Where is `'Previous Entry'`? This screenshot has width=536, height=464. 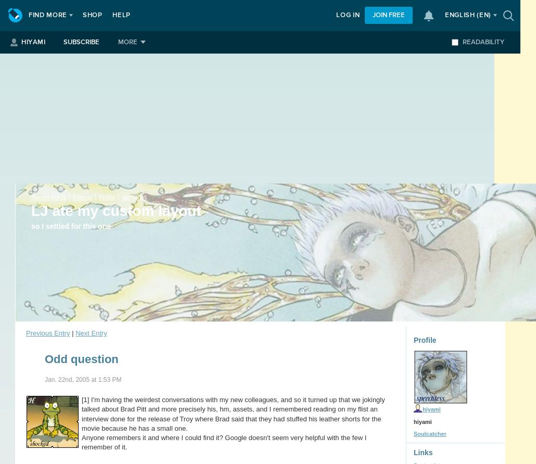 'Previous Entry' is located at coordinates (47, 332).